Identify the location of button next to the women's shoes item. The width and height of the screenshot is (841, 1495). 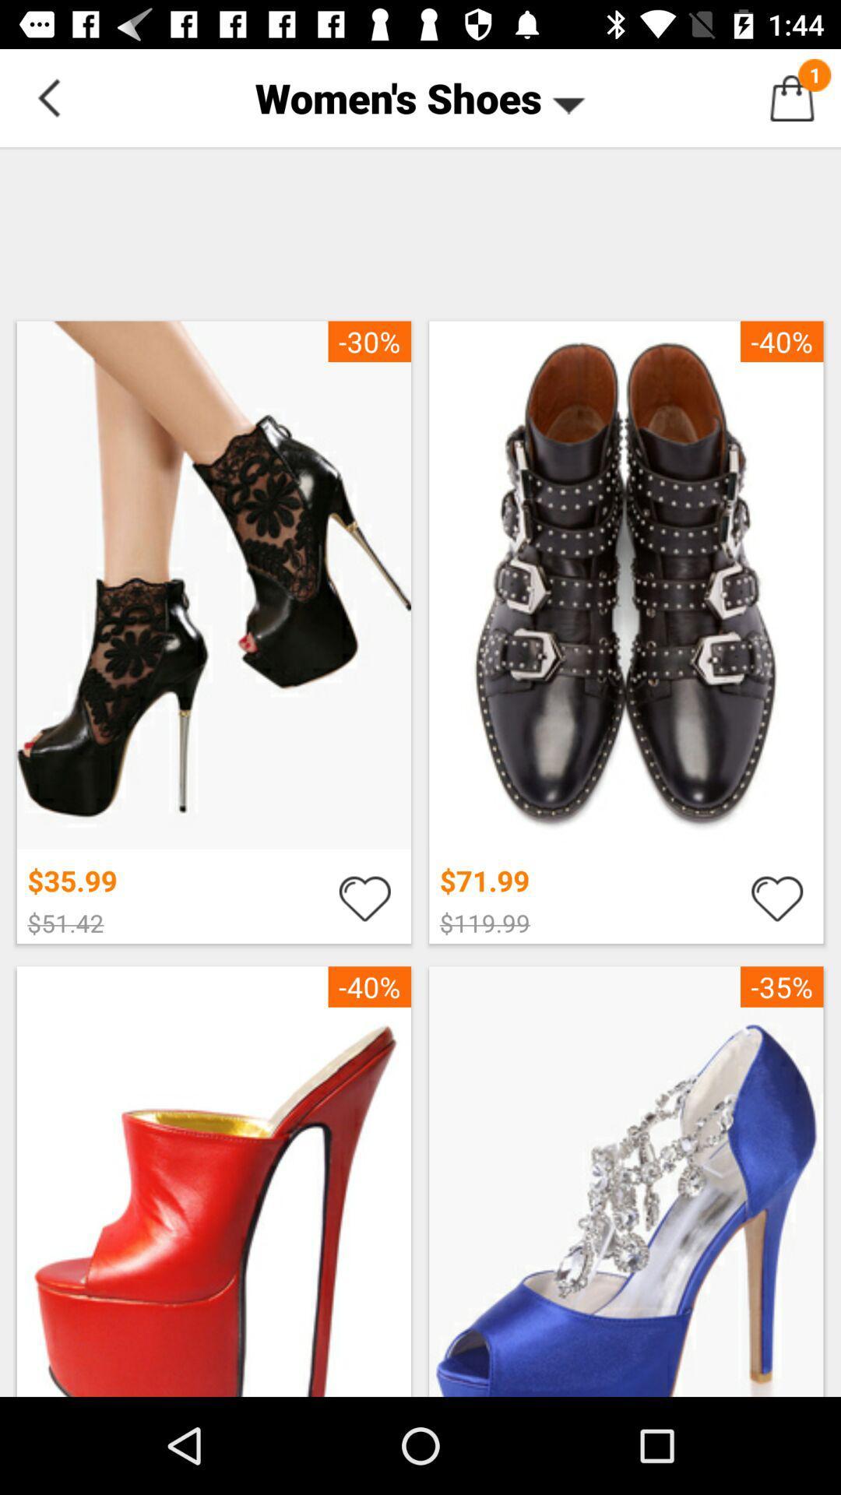
(48, 97).